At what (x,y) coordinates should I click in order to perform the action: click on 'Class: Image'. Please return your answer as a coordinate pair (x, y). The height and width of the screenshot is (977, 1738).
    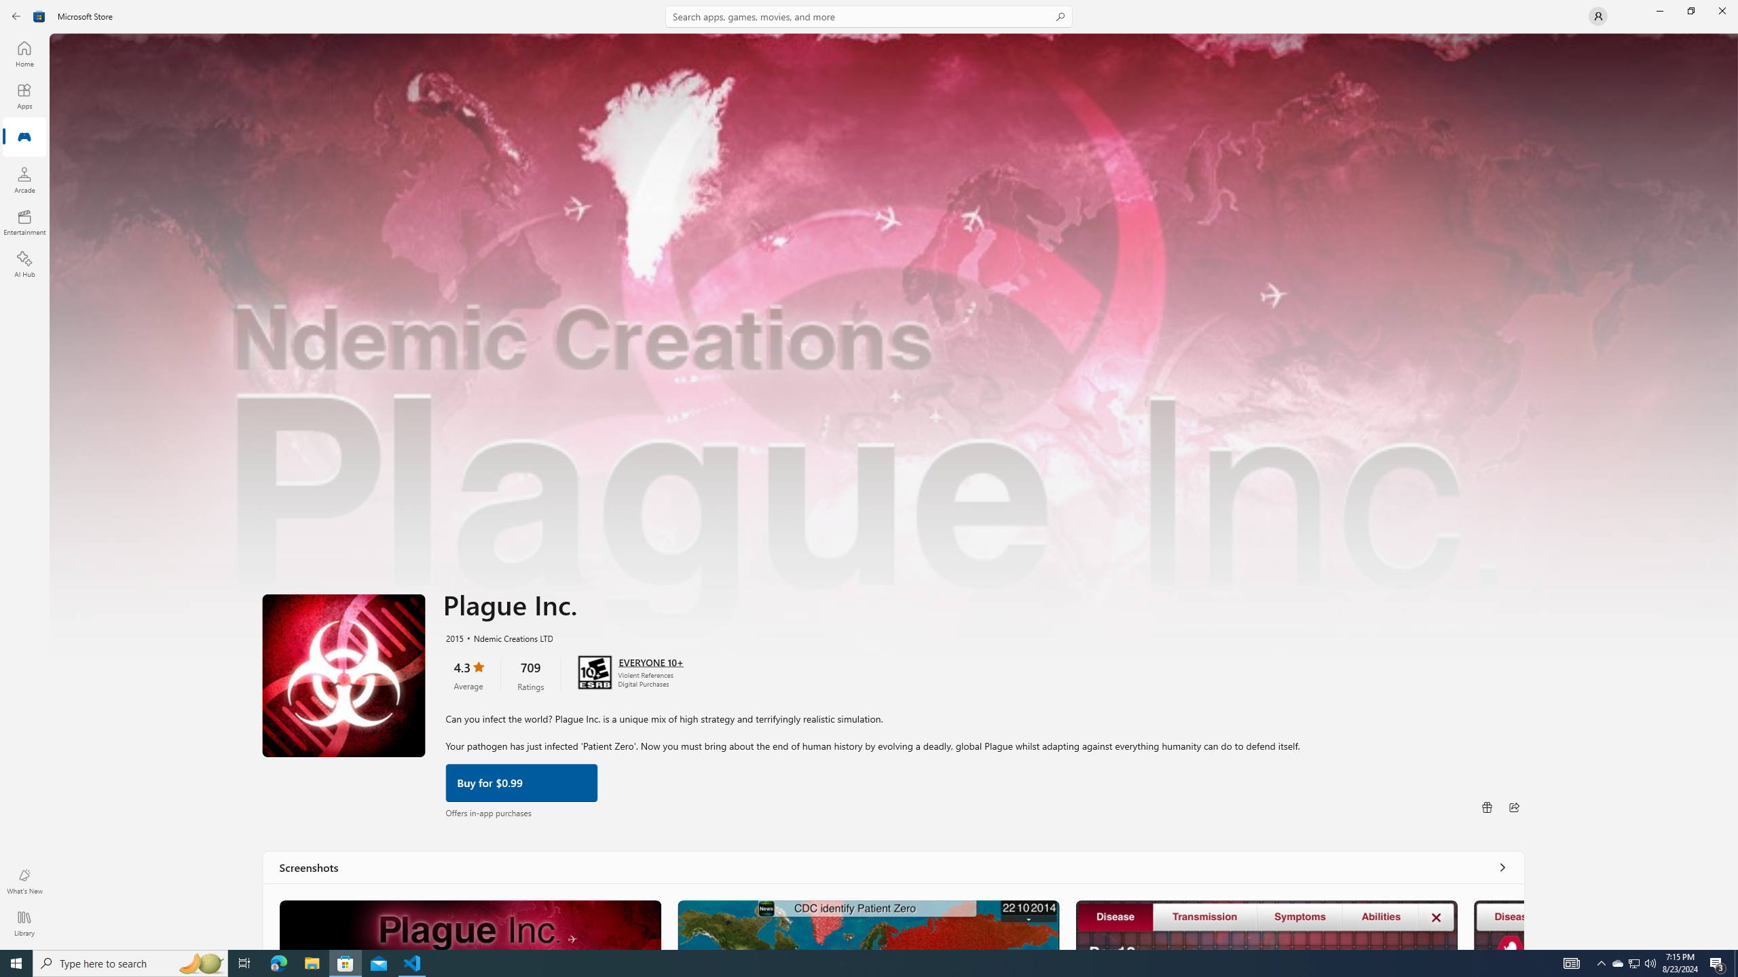
    Looking at the image, I should click on (39, 15).